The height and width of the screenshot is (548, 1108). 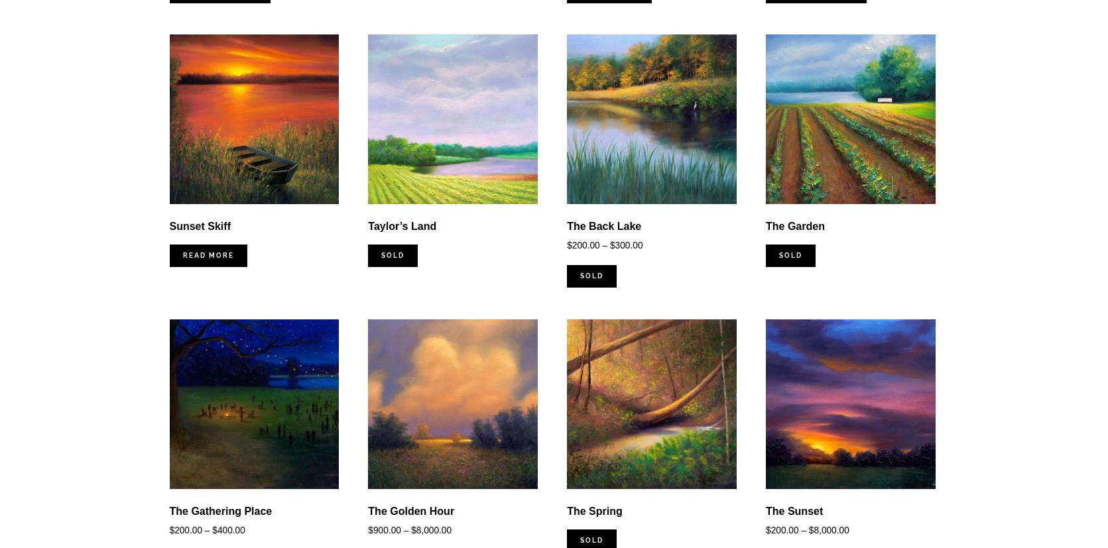 I want to click on 'The Garden', so click(x=794, y=226).